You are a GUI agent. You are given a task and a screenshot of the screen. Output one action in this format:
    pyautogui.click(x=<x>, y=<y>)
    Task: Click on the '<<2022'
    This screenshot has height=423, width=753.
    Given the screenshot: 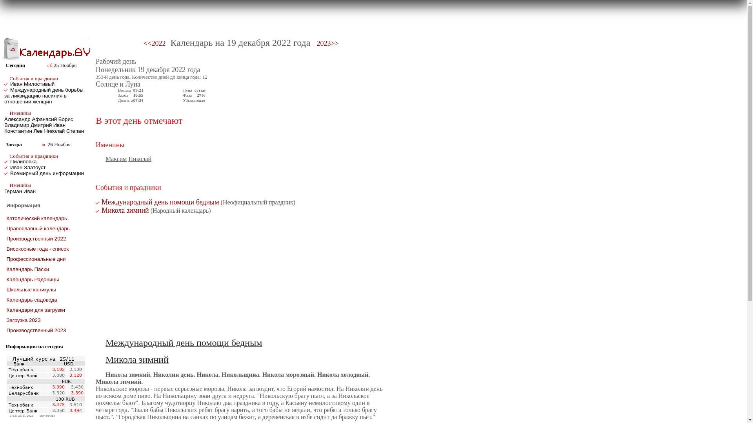 What is the action you would take?
    pyautogui.click(x=154, y=43)
    